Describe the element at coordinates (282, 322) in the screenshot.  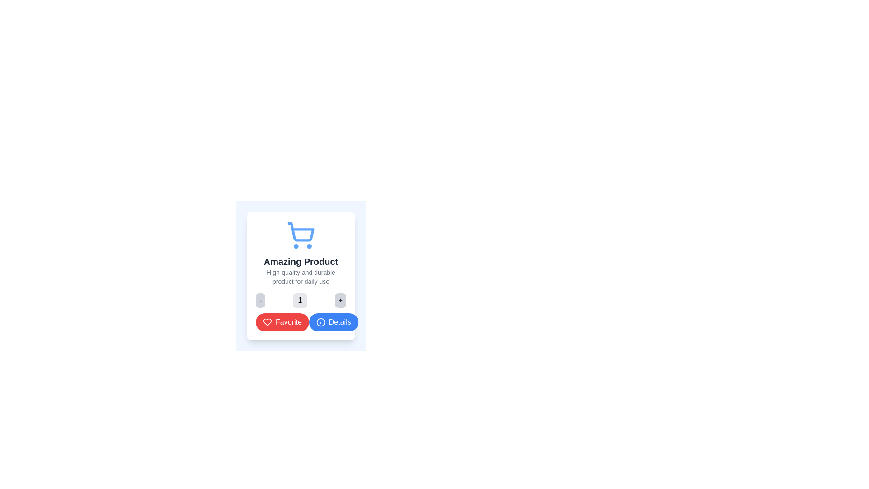
I see `the favorite button located below the product title` at that location.